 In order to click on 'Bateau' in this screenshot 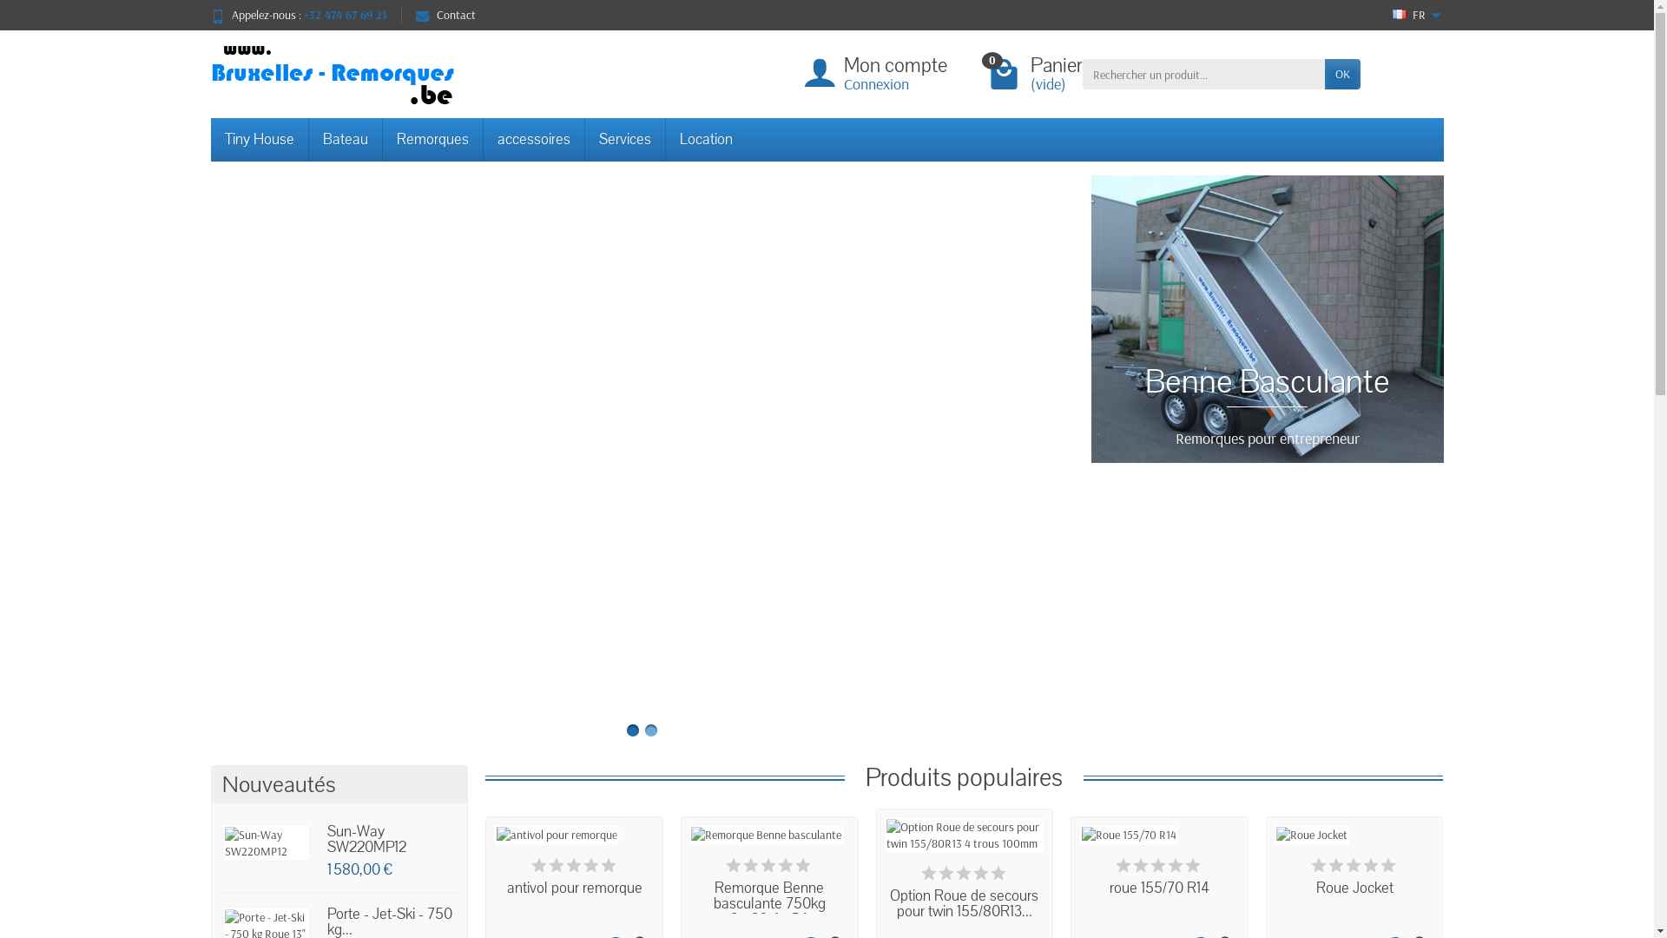, I will do `click(308, 139)`.